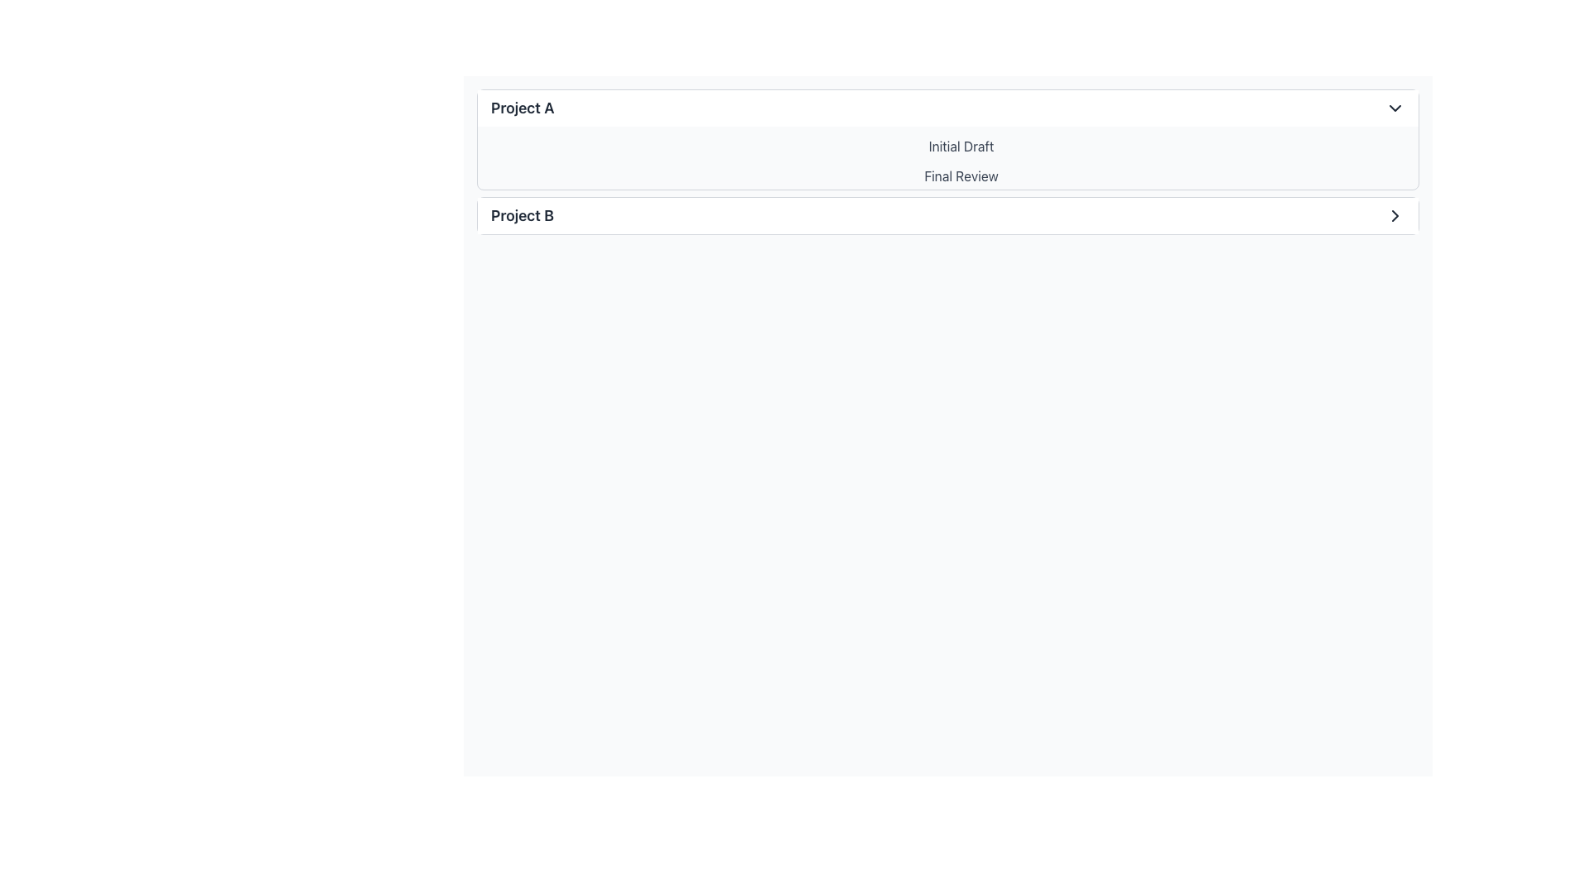 This screenshot has width=1590, height=894. I want to click on the iconic chevron-style button located at the far-right of the 'Project B' row, adjacent to the text 'Project B', so click(1394, 215).